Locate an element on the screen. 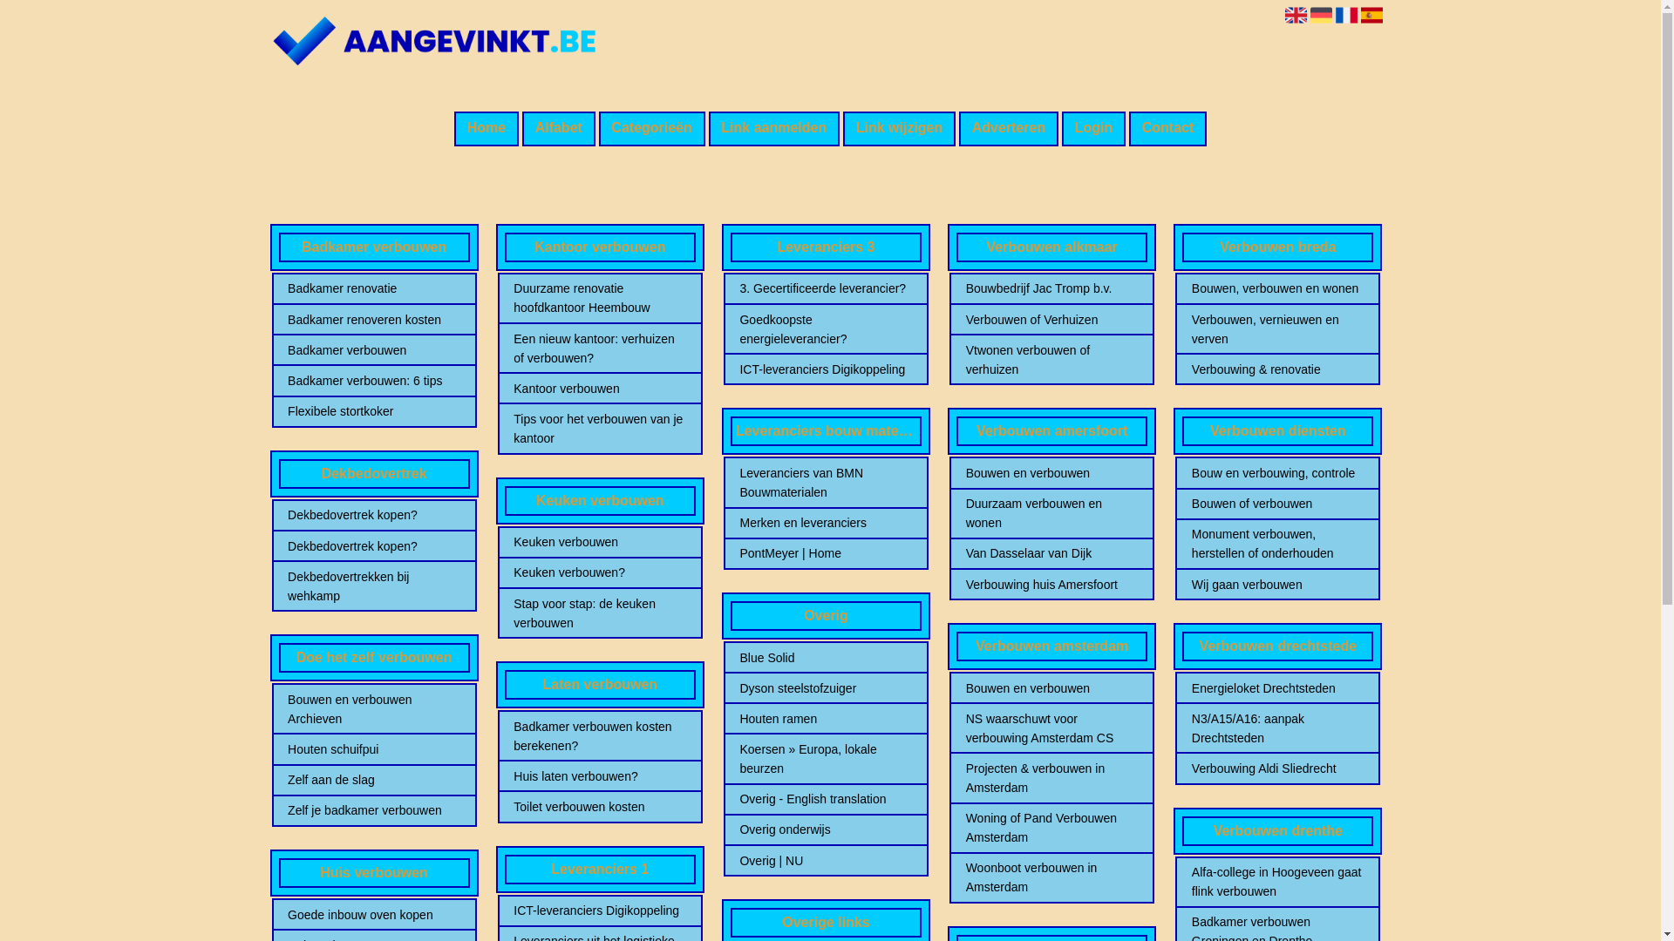  'Goedkoopste energieleverancier?' is located at coordinates (739, 329).